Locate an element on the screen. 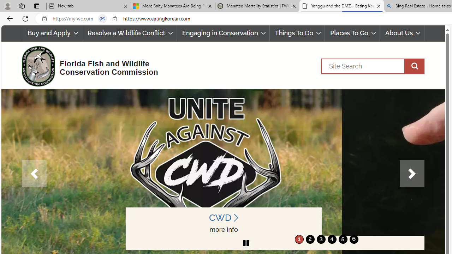 The height and width of the screenshot is (254, 452). 'execute site search' is located at coordinates (414, 66).